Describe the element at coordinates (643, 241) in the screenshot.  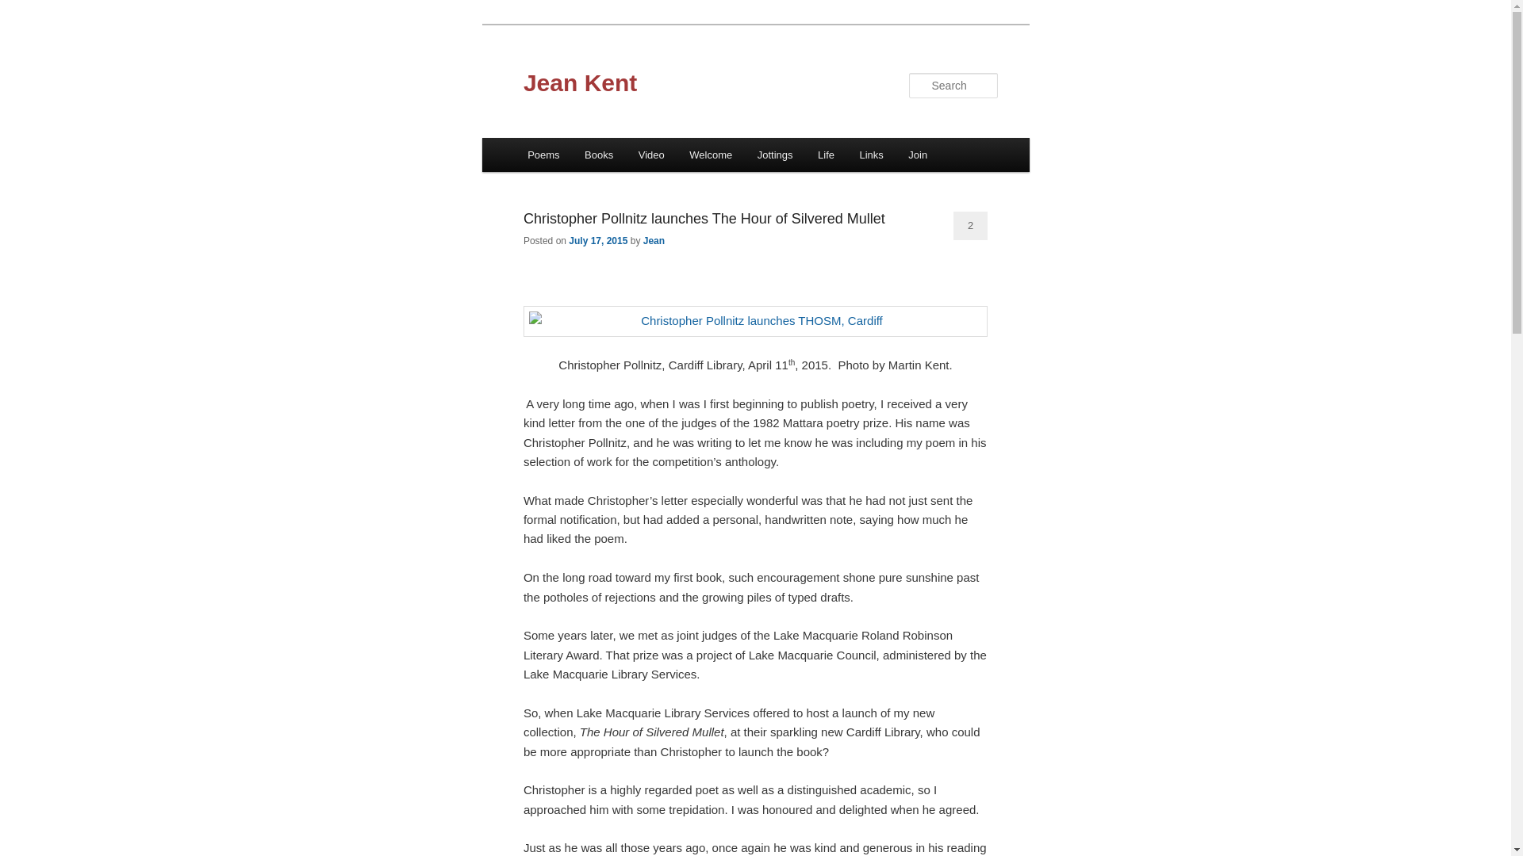
I see `'Jean'` at that location.